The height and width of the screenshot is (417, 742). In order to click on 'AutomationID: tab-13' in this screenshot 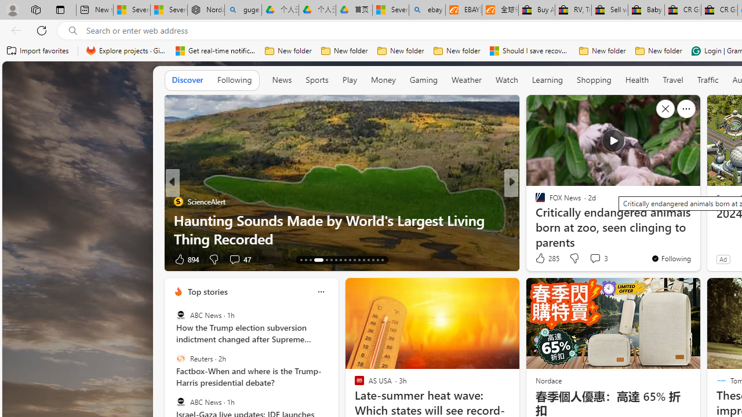, I will do `click(301, 259)`.